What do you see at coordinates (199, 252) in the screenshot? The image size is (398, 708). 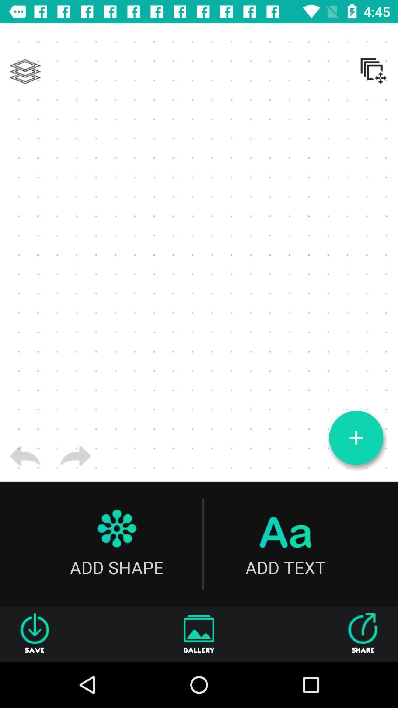 I see `the item at the center` at bounding box center [199, 252].